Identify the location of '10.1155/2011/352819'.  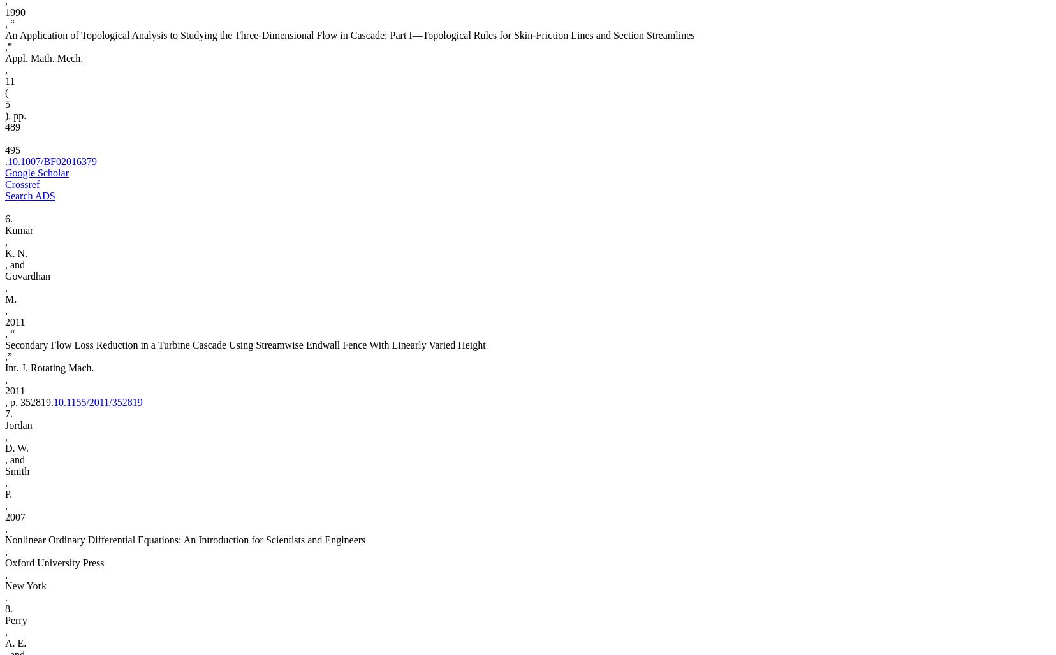
(97, 401).